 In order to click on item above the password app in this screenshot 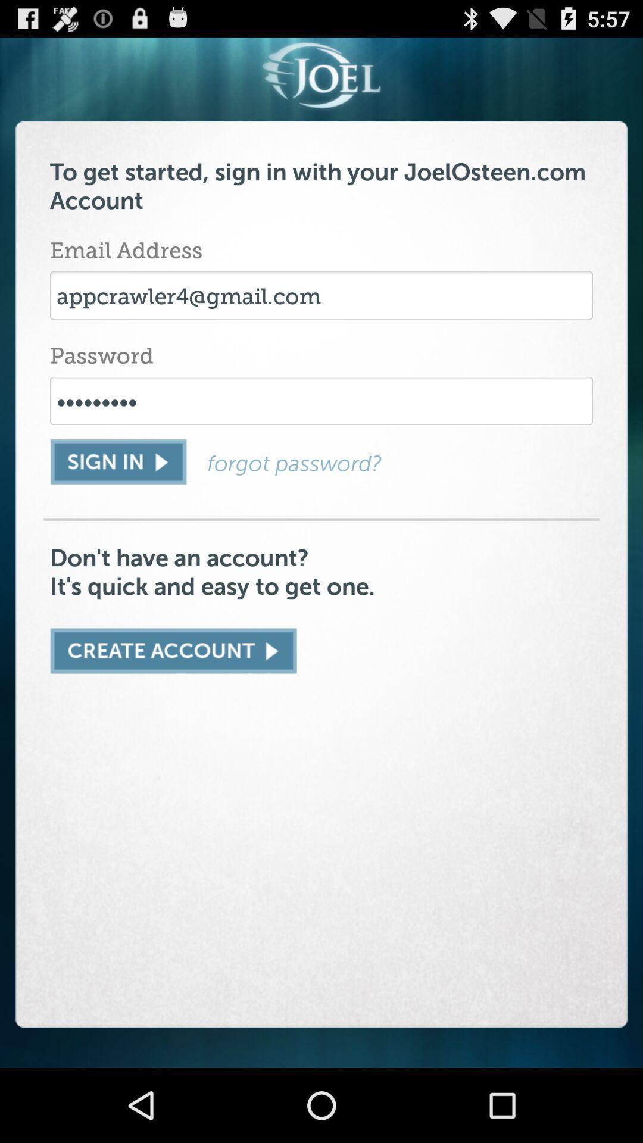, I will do `click(321, 295)`.